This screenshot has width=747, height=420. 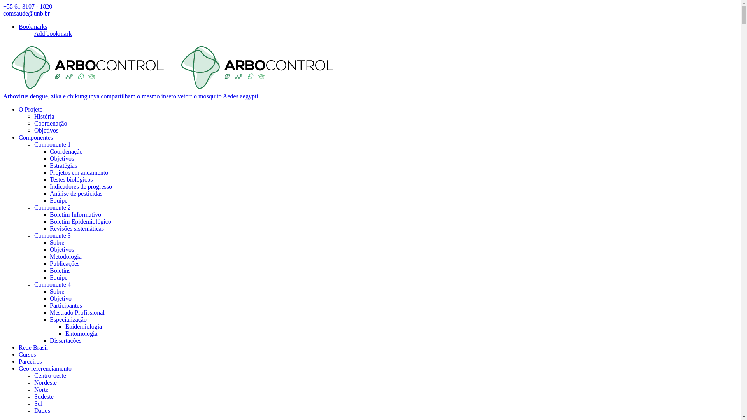 I want to click on 'Indicadores de progresso', so click(x=81, y=186).